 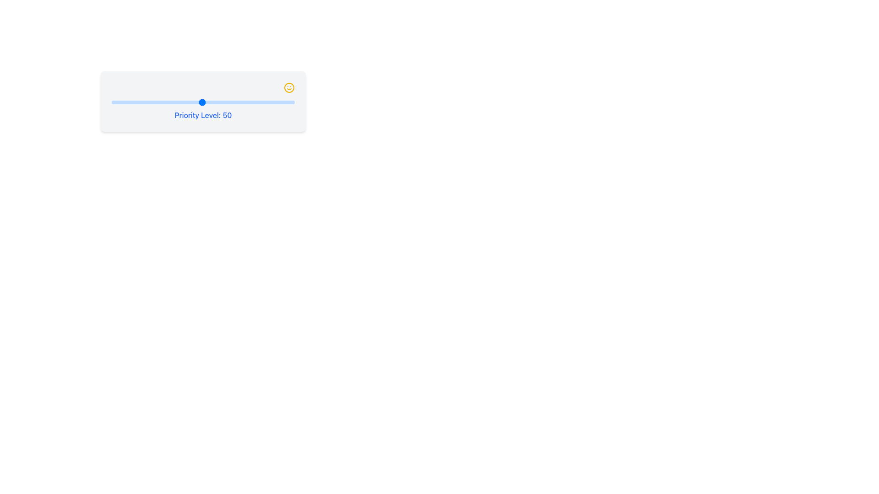 I want to click on the priority level, so click(x=187, y=102).